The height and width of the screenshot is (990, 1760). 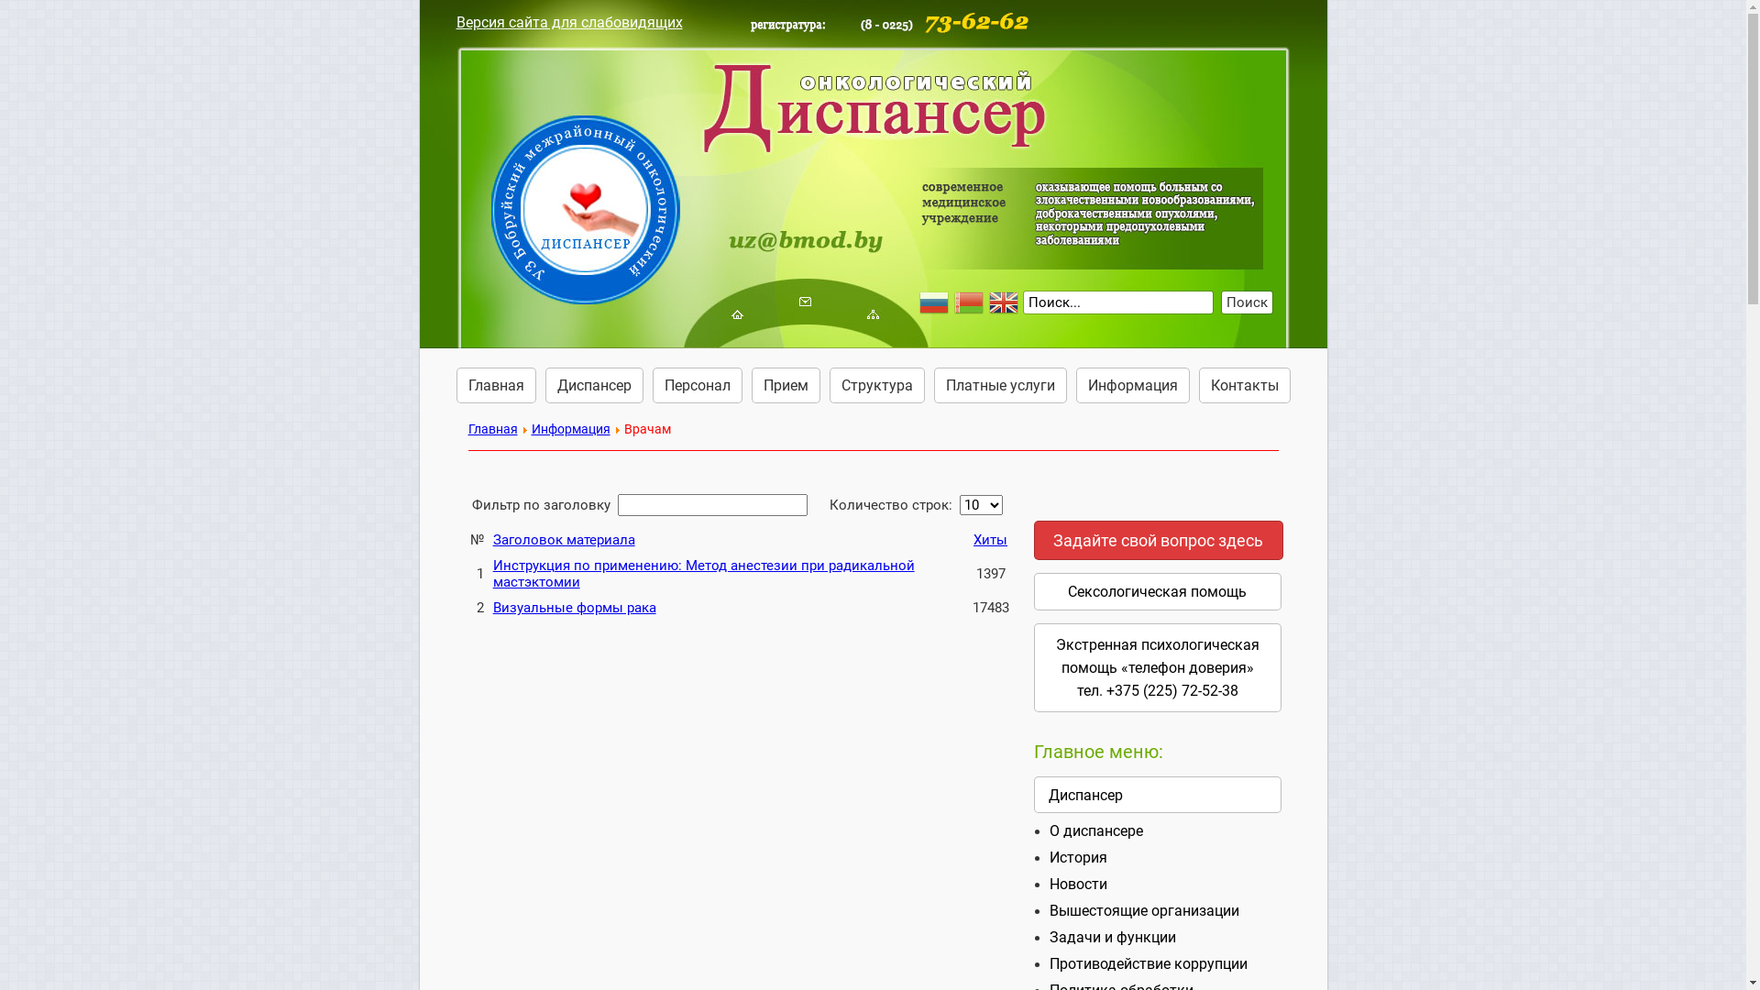 What do you see at coordinates (987, 302) in the screenshot?
I see `'English'` at bounding box center [987, 302].